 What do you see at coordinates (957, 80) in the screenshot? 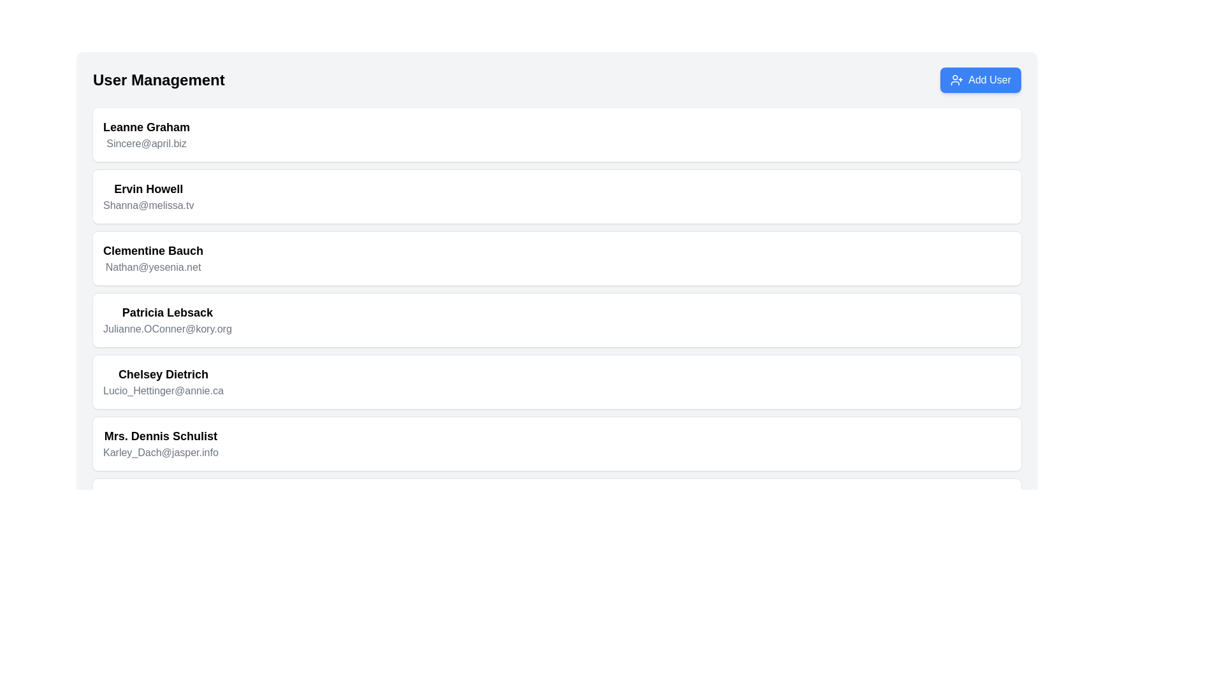
I see `the icon within the 'Add User' button located in the top-right corner of the interface to indicate the action of adding a new user` at bounding box center [957, 80].